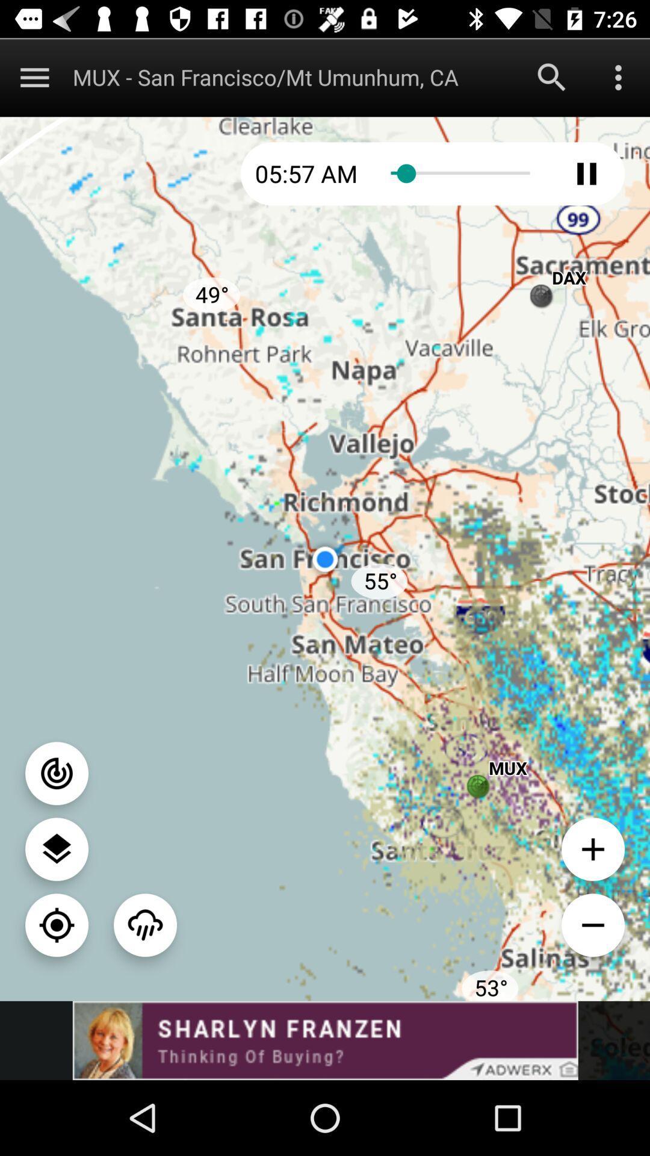 Image resolution: width=650 pixels, height=1156 pixels. What do you see at coordinates (586, 173) in the screenshot?
I see `pause audio` at bounding box center [586, 173].